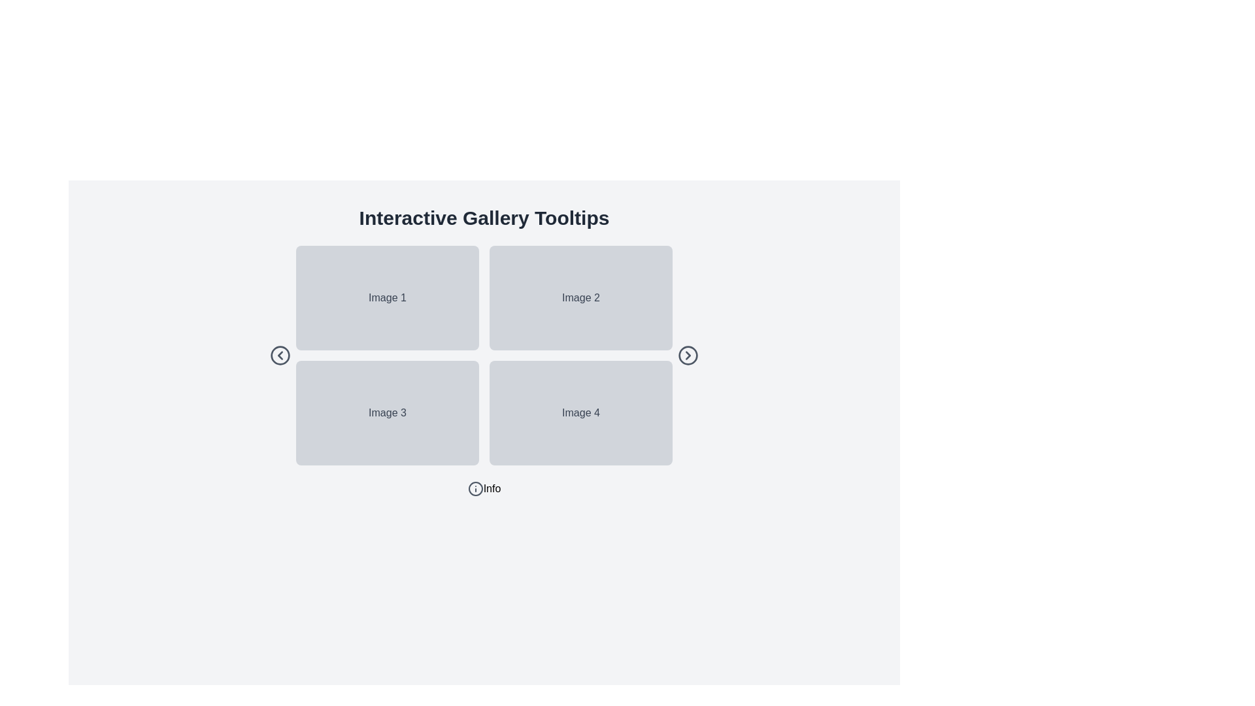 The image size is (1255, 706). What do you see at coordinates (475, 489) in the screenshot?
I see `the SVG circle graphic that is part of the 'info' icon, located centrally below the main interactive gallery grid` at bounding box center [475, 489].